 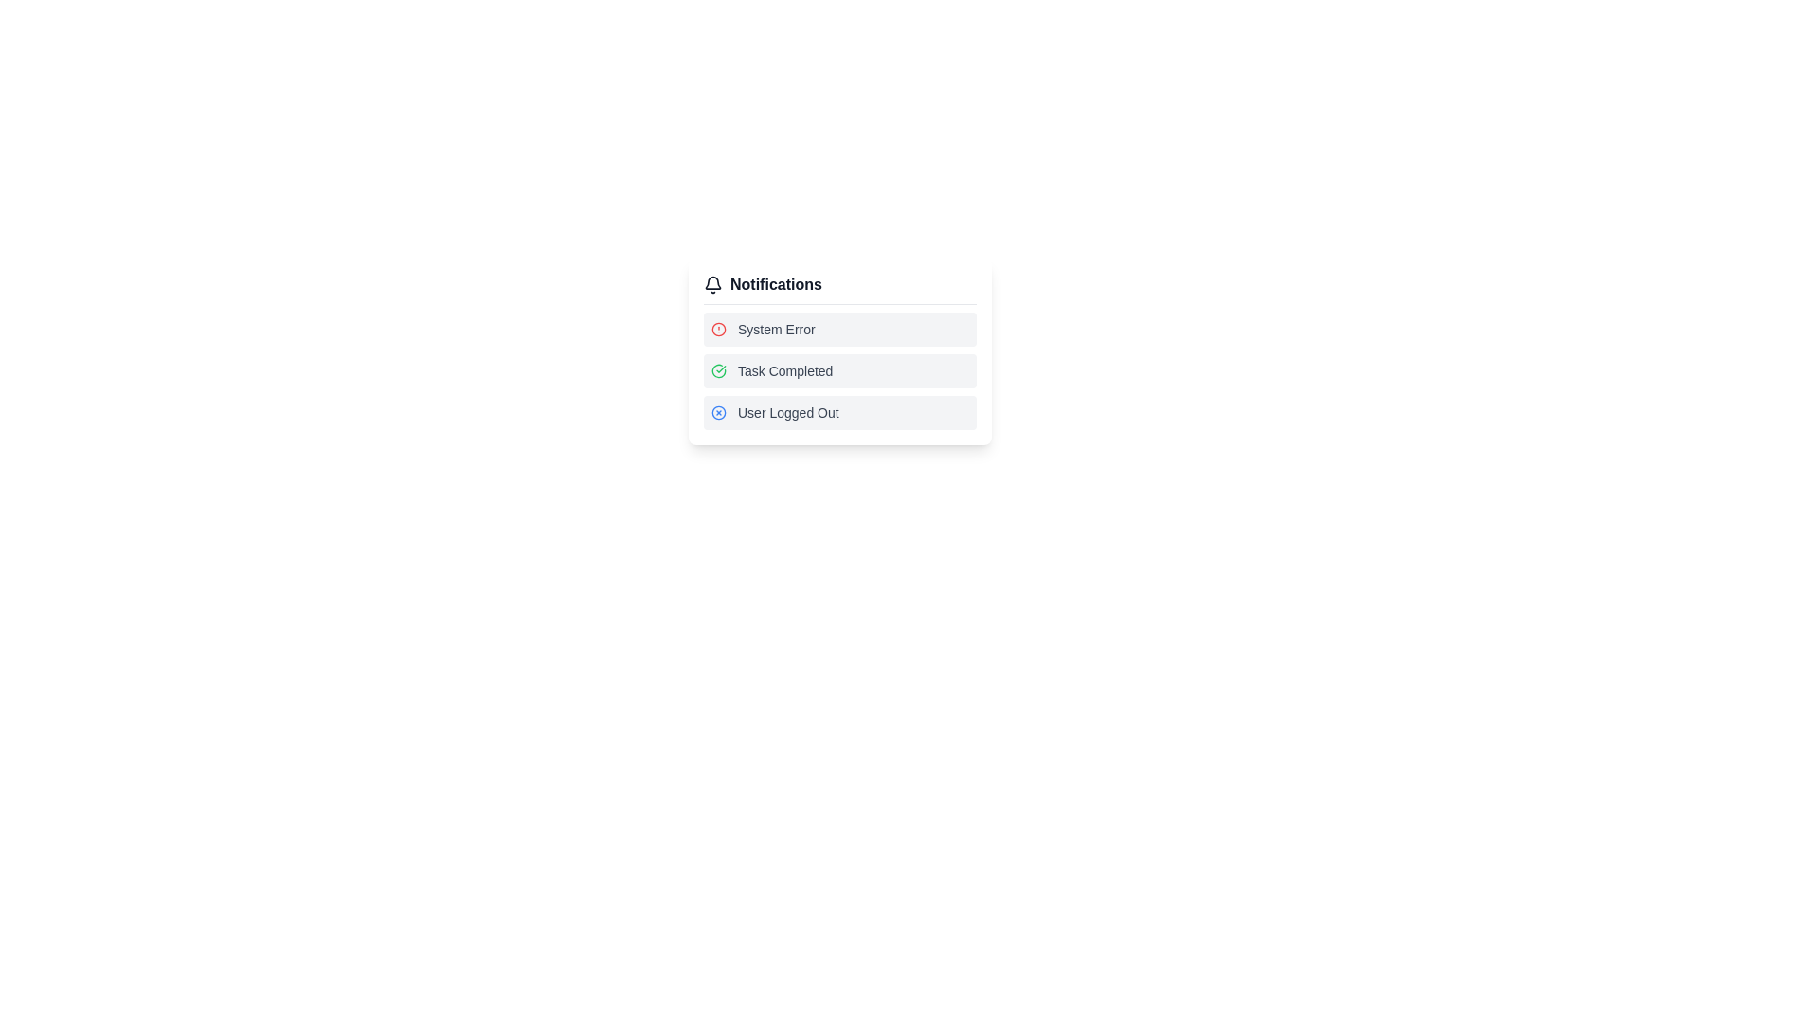 I want to click on the 'User Logged Out' text label displayed in a small gray font, which is located within a notification entry in the third position of a vertically aligned list, so click(x=788, y=411).